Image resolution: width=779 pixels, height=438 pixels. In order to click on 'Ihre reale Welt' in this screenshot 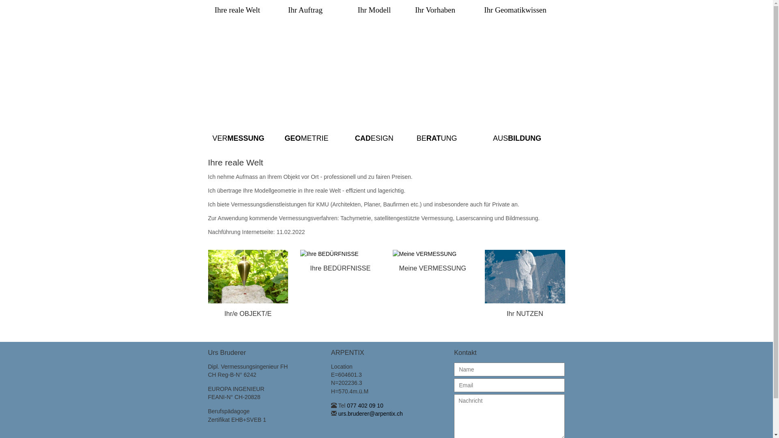, I will do `click(237, 10)`.